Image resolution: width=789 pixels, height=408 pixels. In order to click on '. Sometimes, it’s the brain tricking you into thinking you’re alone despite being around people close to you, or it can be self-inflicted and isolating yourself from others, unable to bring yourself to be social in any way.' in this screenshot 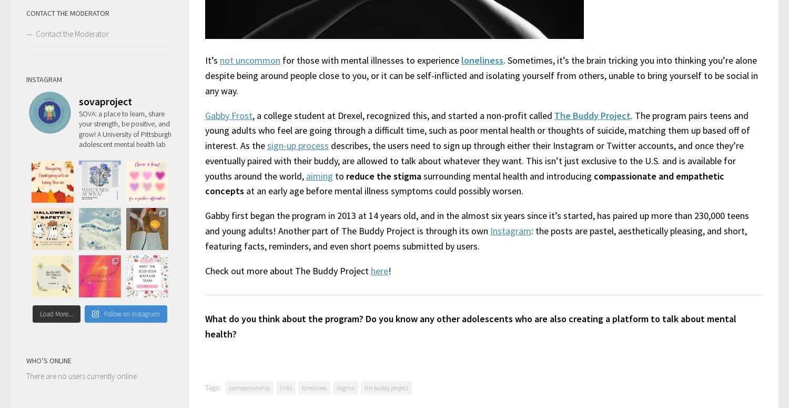, I will do `click(481, 74)`.